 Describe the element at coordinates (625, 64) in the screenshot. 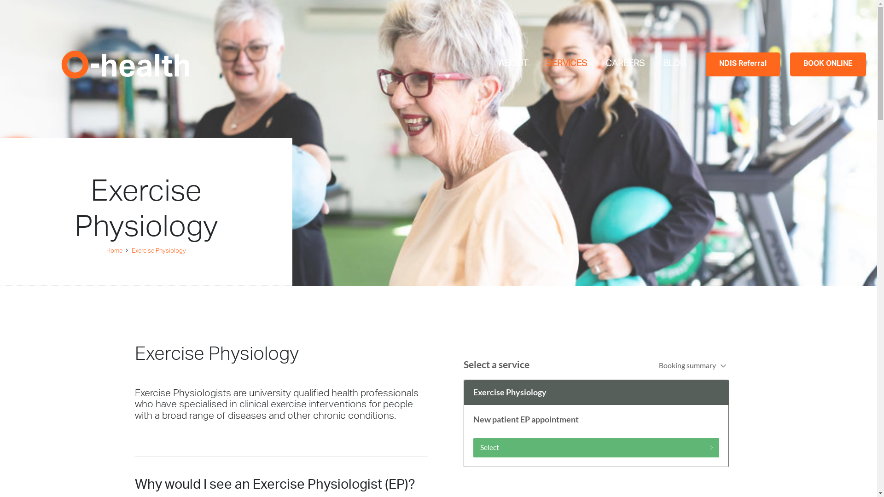

I see `'CAREERS'` at that location.